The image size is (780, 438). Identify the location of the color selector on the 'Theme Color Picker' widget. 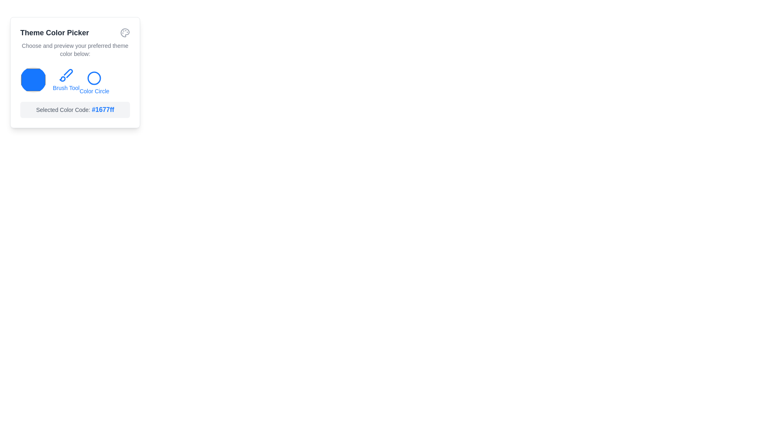
(75, 72).